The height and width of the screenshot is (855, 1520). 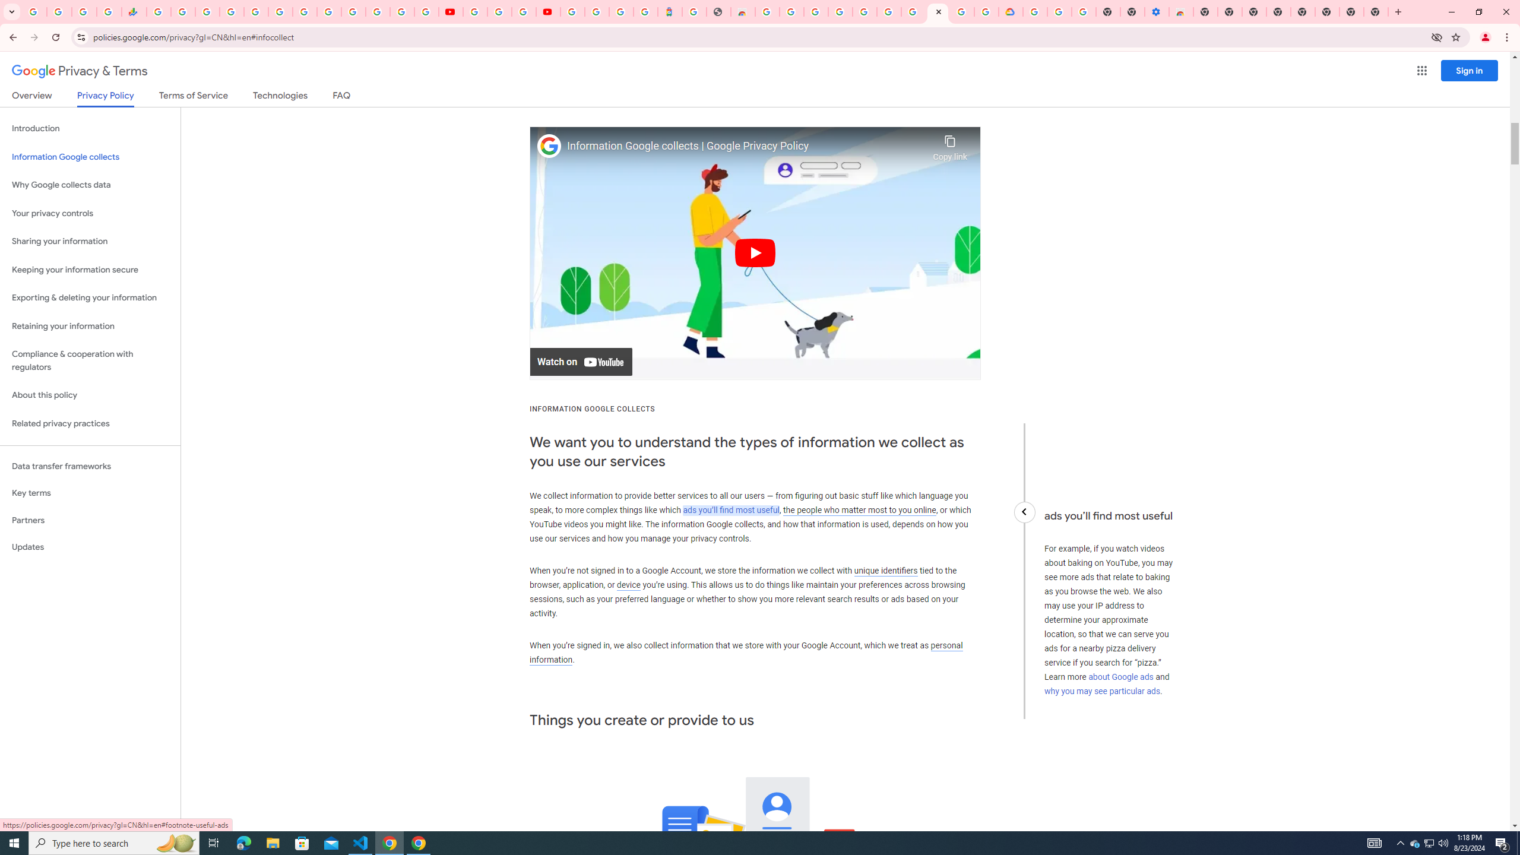 I want to click on 'Photo image of Google', so click(x=549, y=145).